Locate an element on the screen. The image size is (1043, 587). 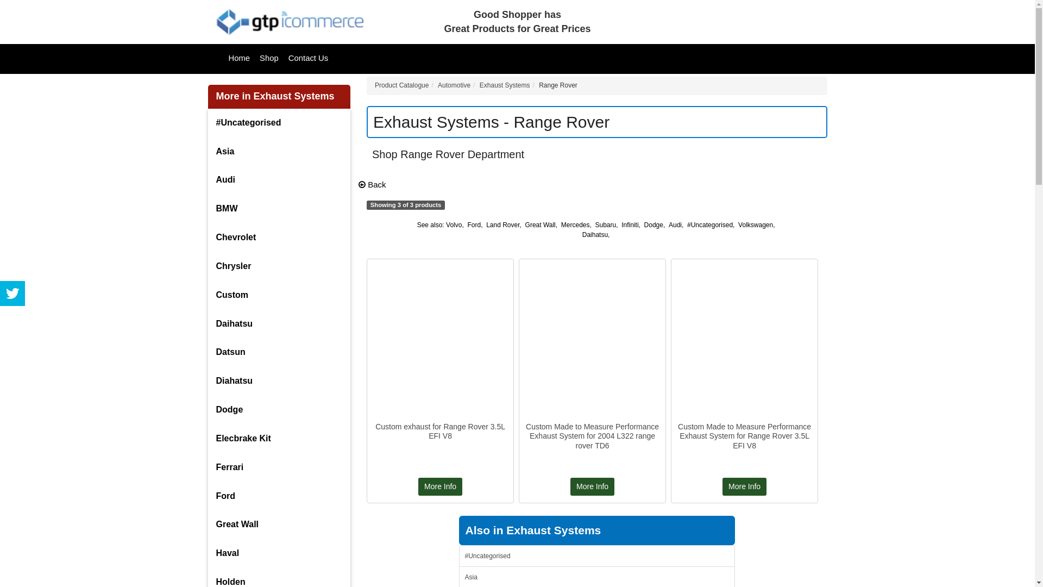
'GTP iCommerce Pty Ltd Twitter' is located at coordinates (12, 293).